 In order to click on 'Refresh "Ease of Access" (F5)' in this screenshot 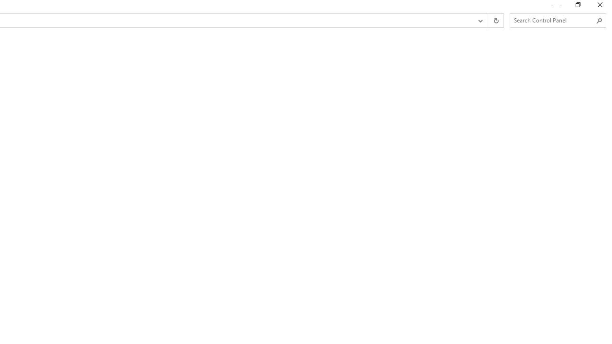, I will do `click(495, 21)`.